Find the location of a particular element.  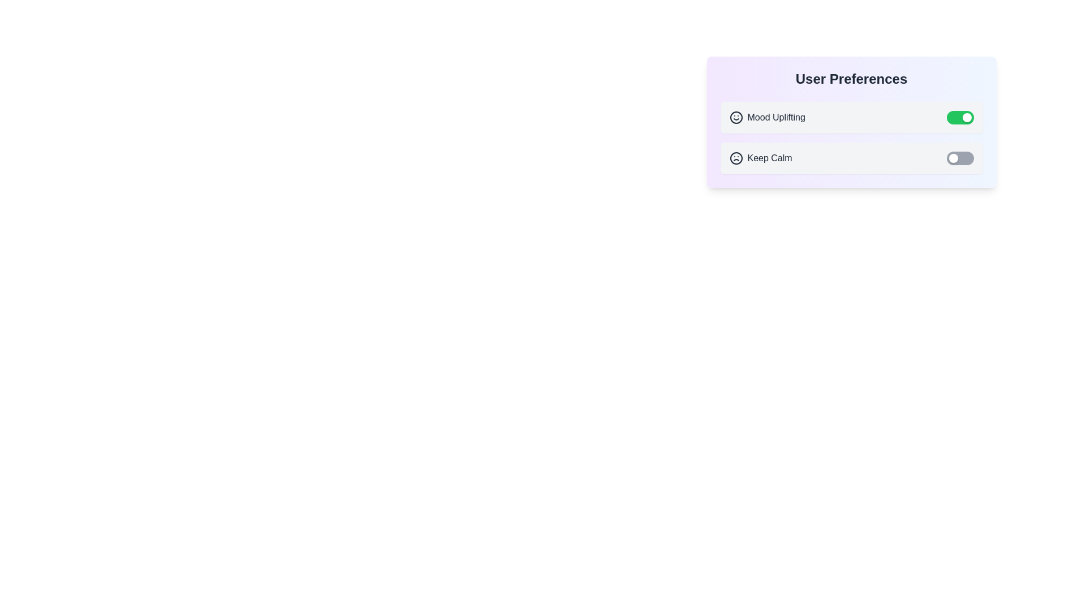

the black circular outline of the smiley symbol located beside the 'Mood Uplifting' toggle in the 'User Preferences' card is located at coordinates (736, 118).